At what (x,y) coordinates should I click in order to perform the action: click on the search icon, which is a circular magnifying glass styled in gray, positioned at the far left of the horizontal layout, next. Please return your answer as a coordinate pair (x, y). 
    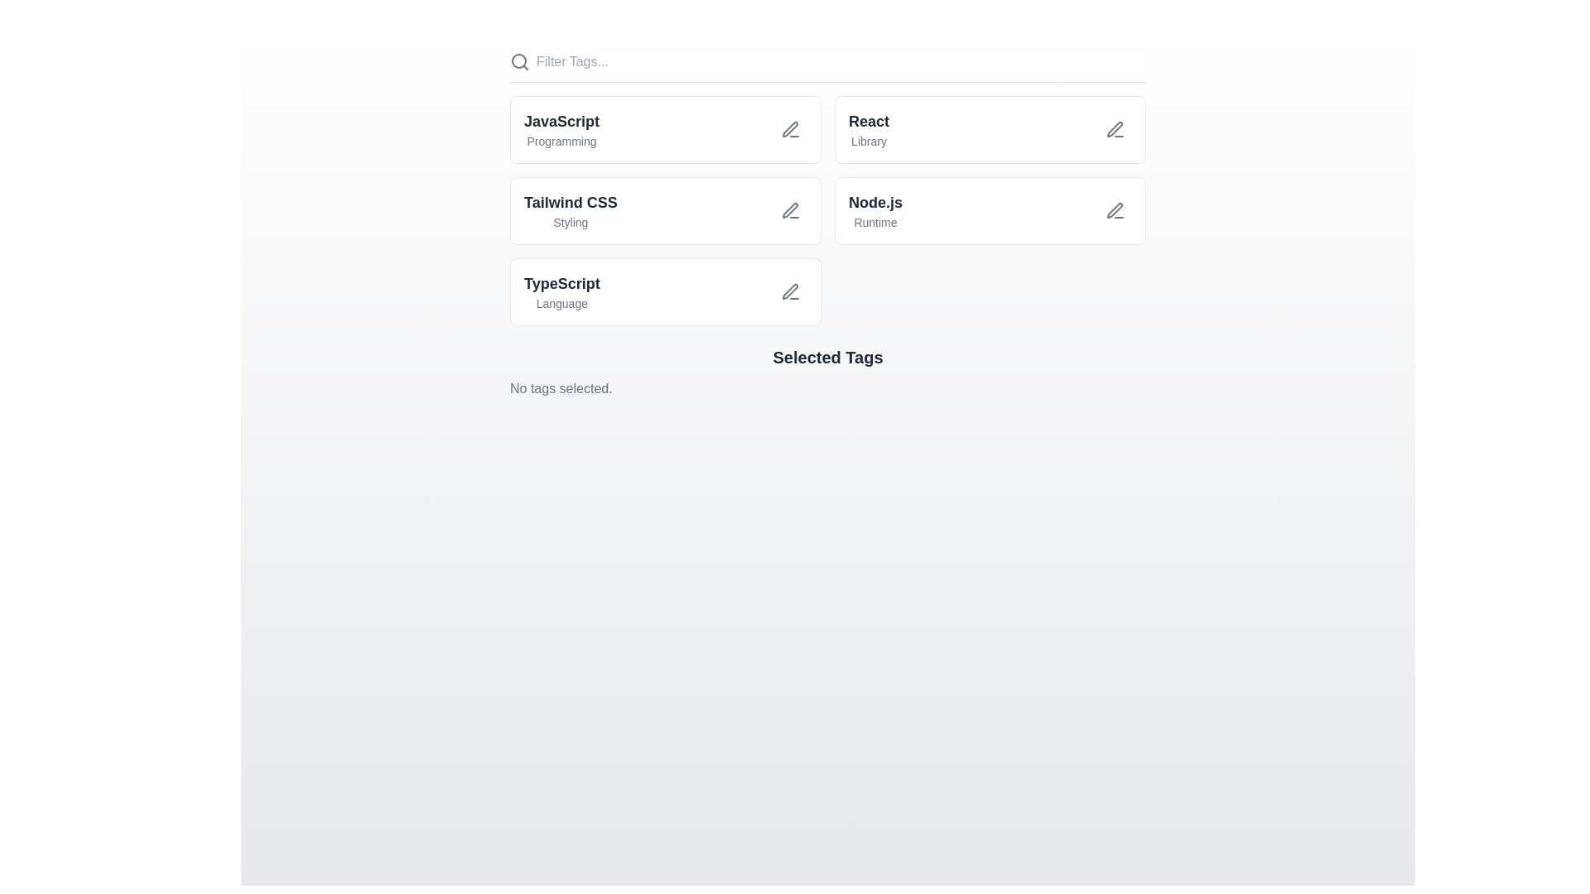
    Looking at the image, I should click on (519, 60).